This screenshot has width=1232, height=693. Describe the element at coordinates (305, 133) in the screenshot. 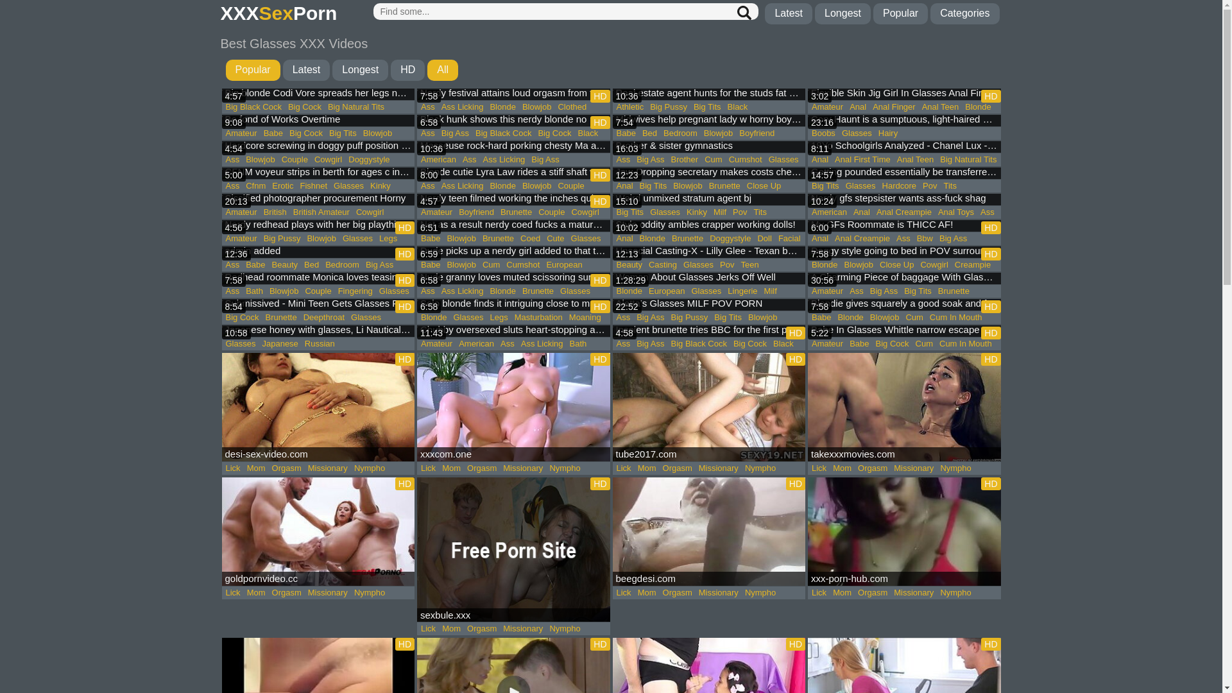

I see `'Big Cock'` at that location.